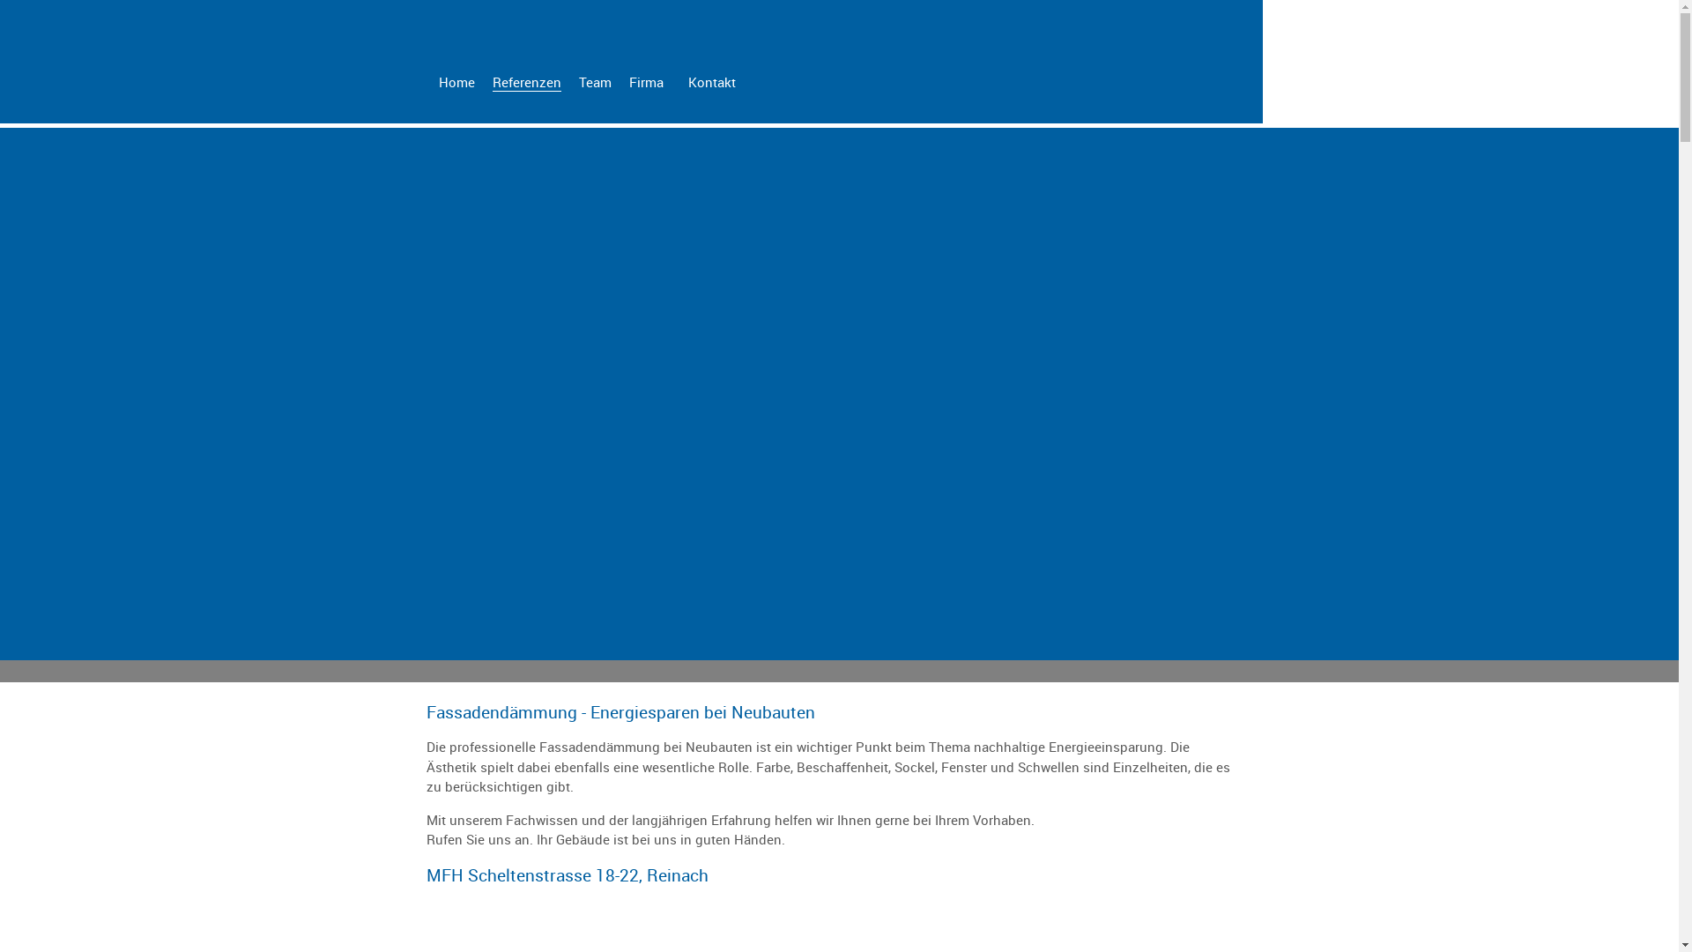 This screenshot has width=1692, height=952. I want to click on 'Referenzen', so click(524, 82).